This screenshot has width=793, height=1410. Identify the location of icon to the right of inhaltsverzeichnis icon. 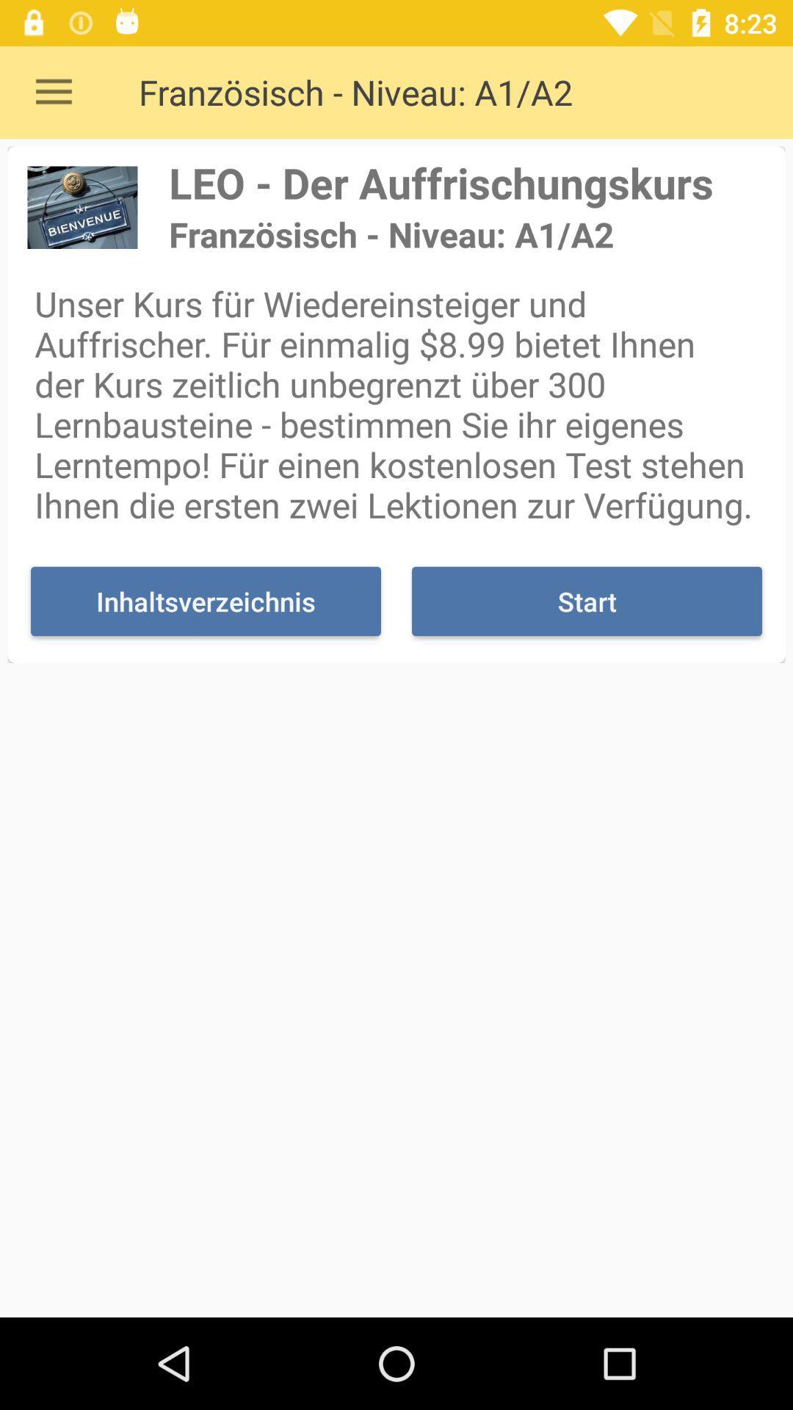
(586, 601).